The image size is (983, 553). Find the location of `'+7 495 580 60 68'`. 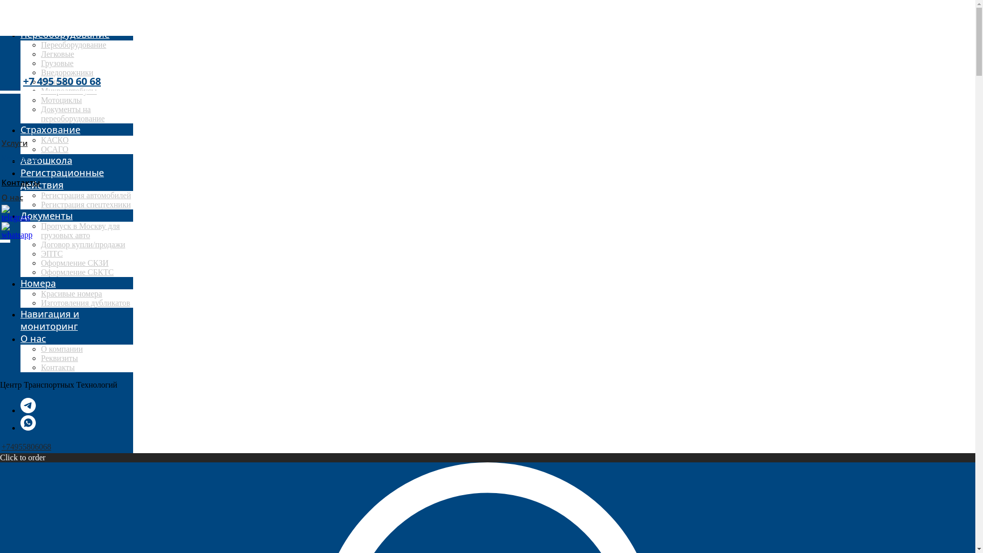

'+7 495 580 60 68' is located at coordinates (61, 80).